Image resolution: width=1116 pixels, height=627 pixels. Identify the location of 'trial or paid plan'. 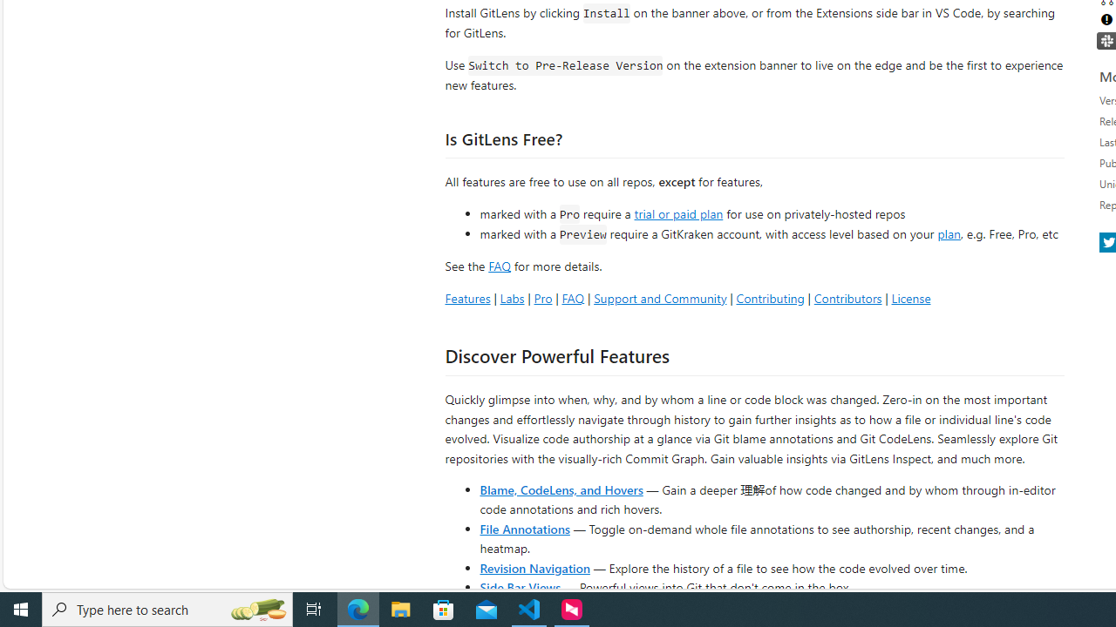
(677, 212).